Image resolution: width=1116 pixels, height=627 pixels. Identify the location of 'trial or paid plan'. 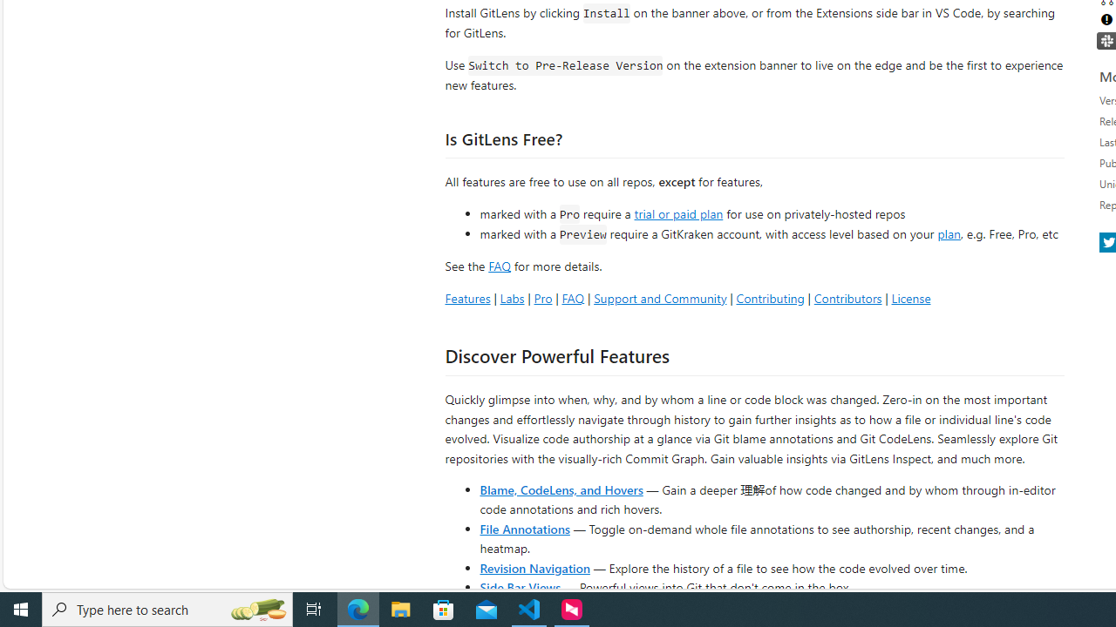
(677, 212).